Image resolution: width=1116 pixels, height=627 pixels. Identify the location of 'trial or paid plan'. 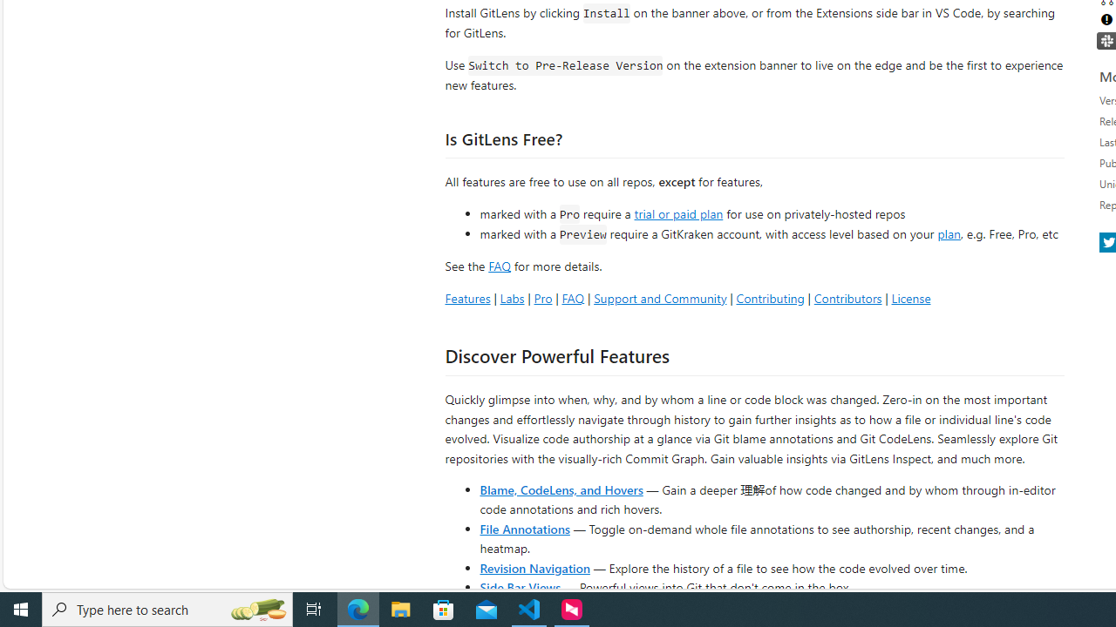
(677, 212).